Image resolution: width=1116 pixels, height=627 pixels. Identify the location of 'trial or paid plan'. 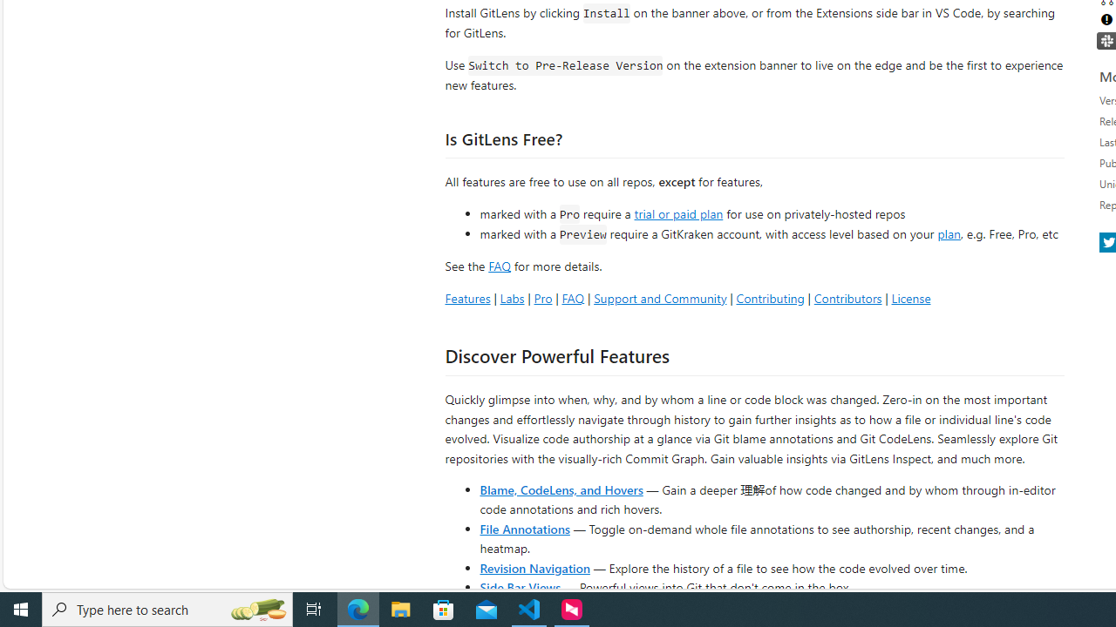
(677, 212).